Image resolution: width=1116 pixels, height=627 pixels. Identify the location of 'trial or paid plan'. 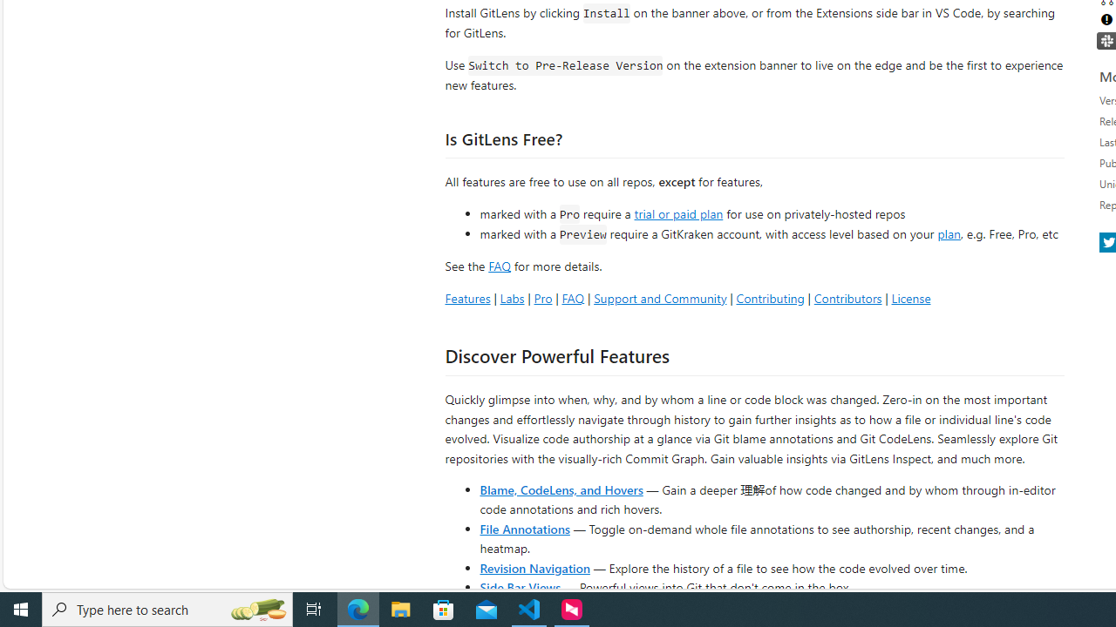
(677, 212).